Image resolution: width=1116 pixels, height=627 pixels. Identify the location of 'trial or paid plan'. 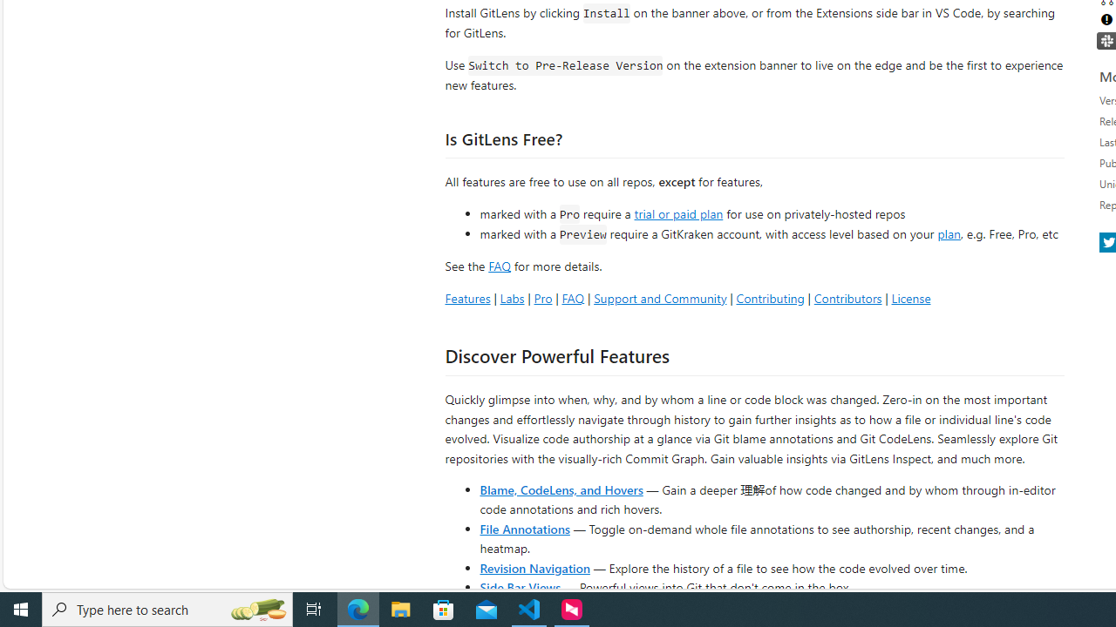
(677, 212).